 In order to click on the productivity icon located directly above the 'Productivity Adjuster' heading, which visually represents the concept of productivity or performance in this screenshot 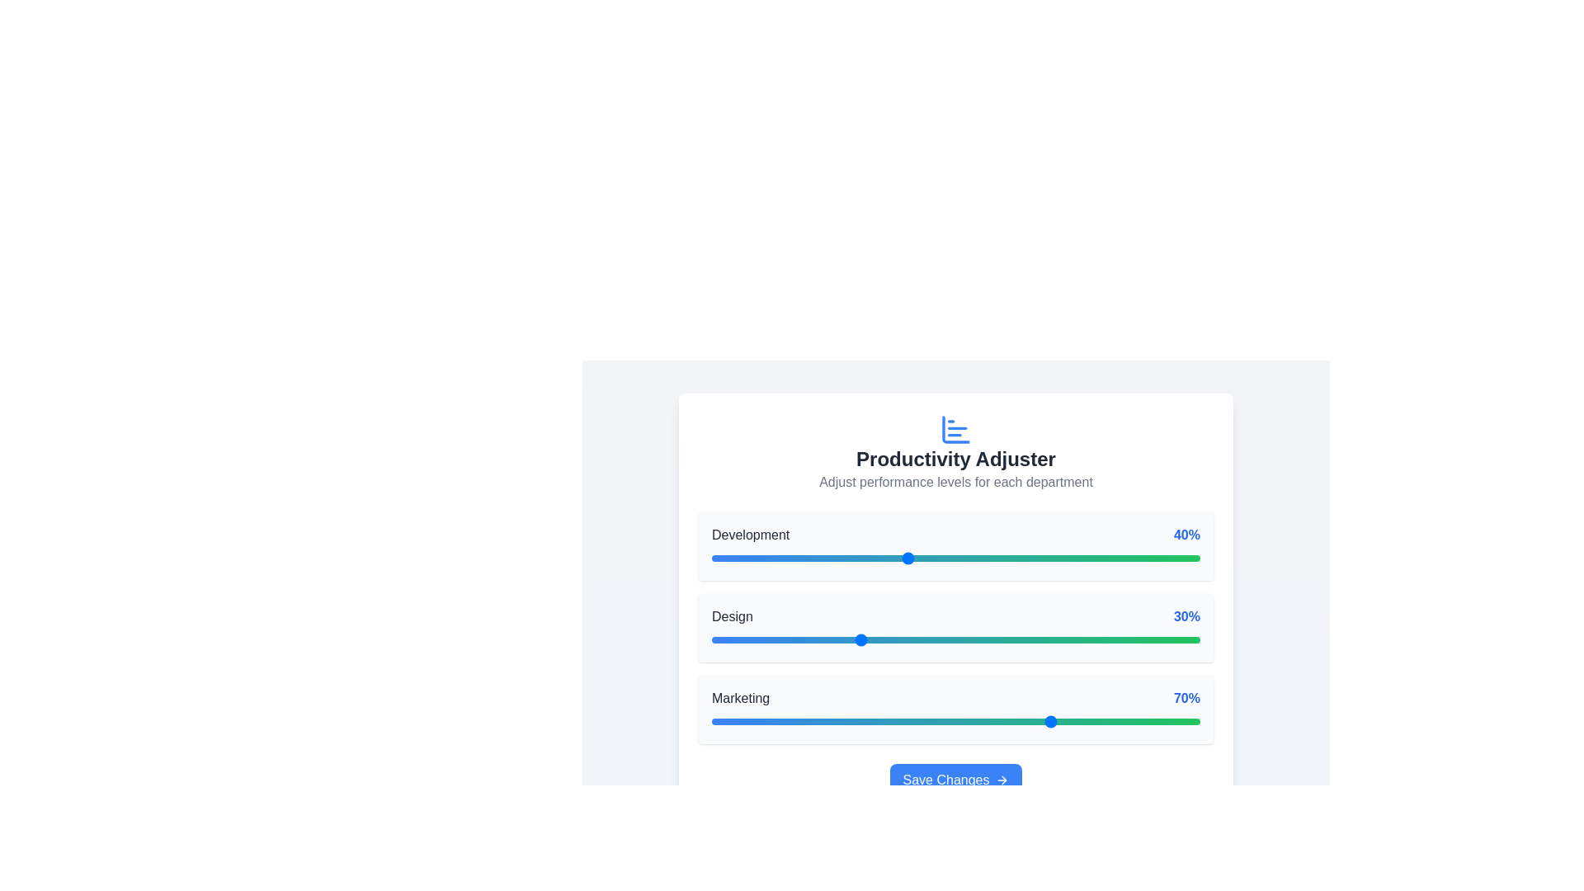, I will do `click(955, 428)`.